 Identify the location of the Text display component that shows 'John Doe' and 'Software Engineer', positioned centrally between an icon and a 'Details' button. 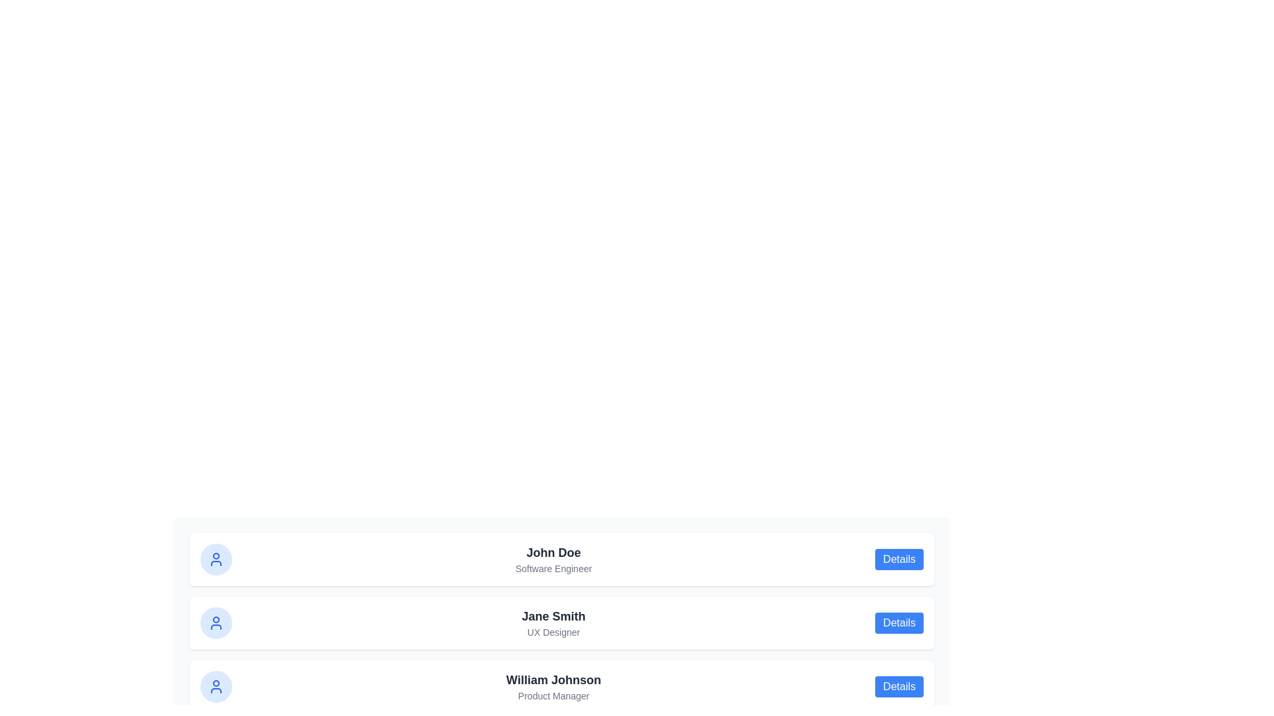
(553, 560).